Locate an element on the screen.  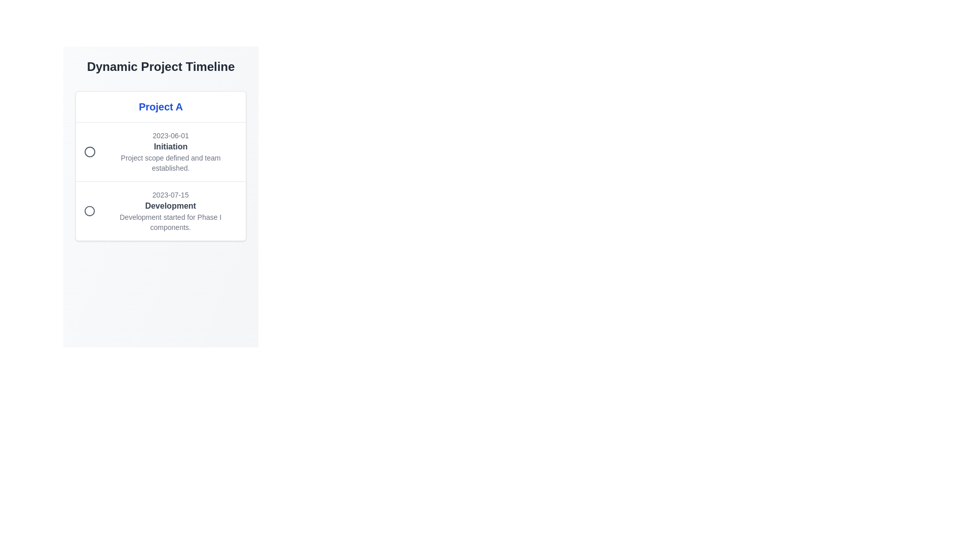
the static text label displaying 'Initiation', which is part of the timeline interface, located between the date '2023-06-01' and the description text 'Project scope defined and team established.' is located at coordinates (170, 146).